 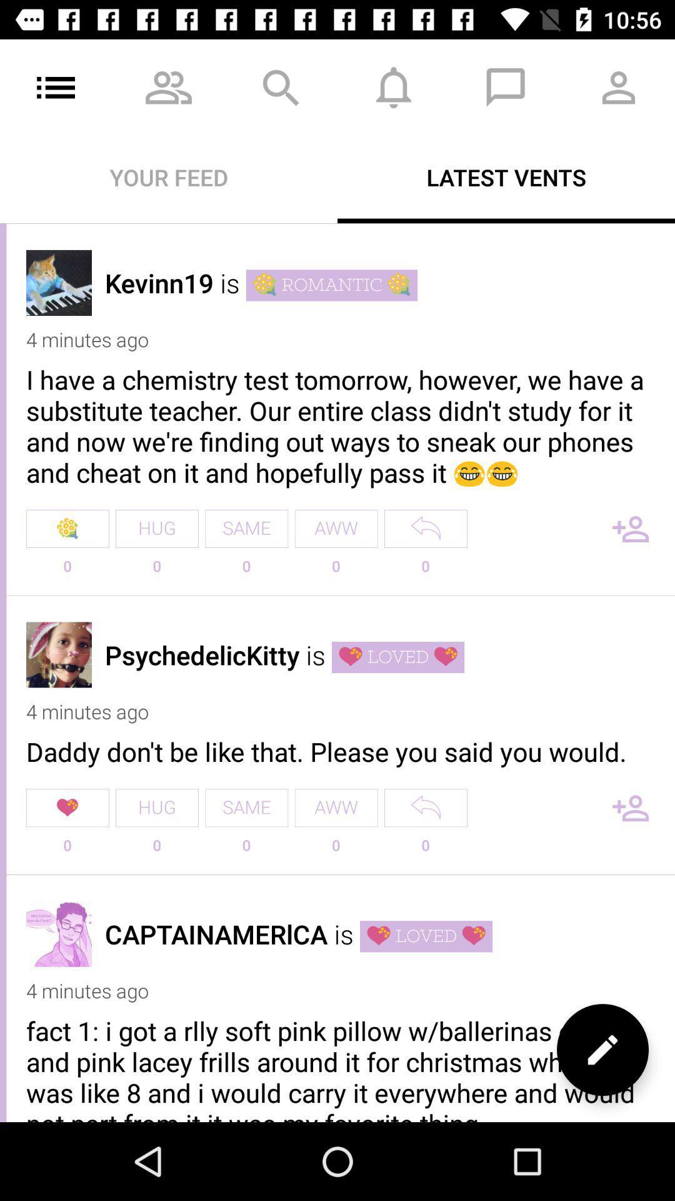 What do you see at coordinates (59, 934) in the screenshot?
I see `profile picture` at bounding box center [59, 934].